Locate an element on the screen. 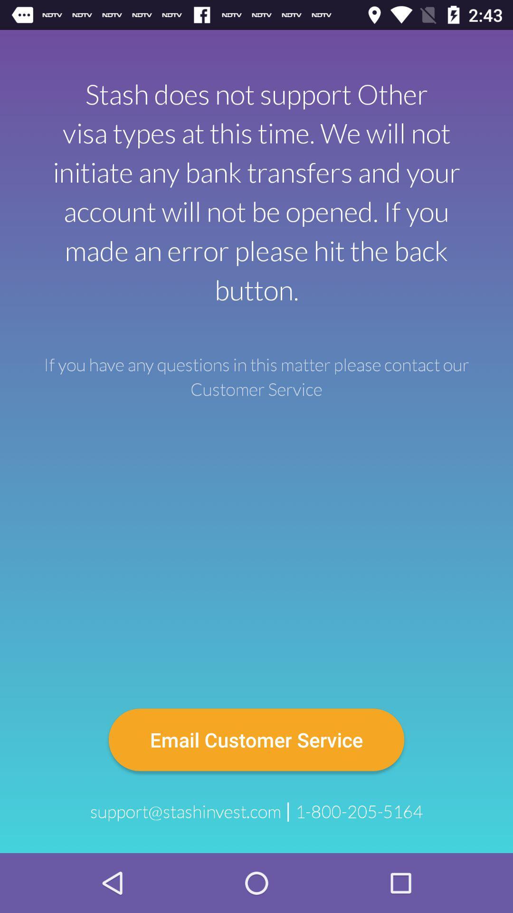 The image size is (513, 913). 1 800 205 is located at coordinates (359, 811).